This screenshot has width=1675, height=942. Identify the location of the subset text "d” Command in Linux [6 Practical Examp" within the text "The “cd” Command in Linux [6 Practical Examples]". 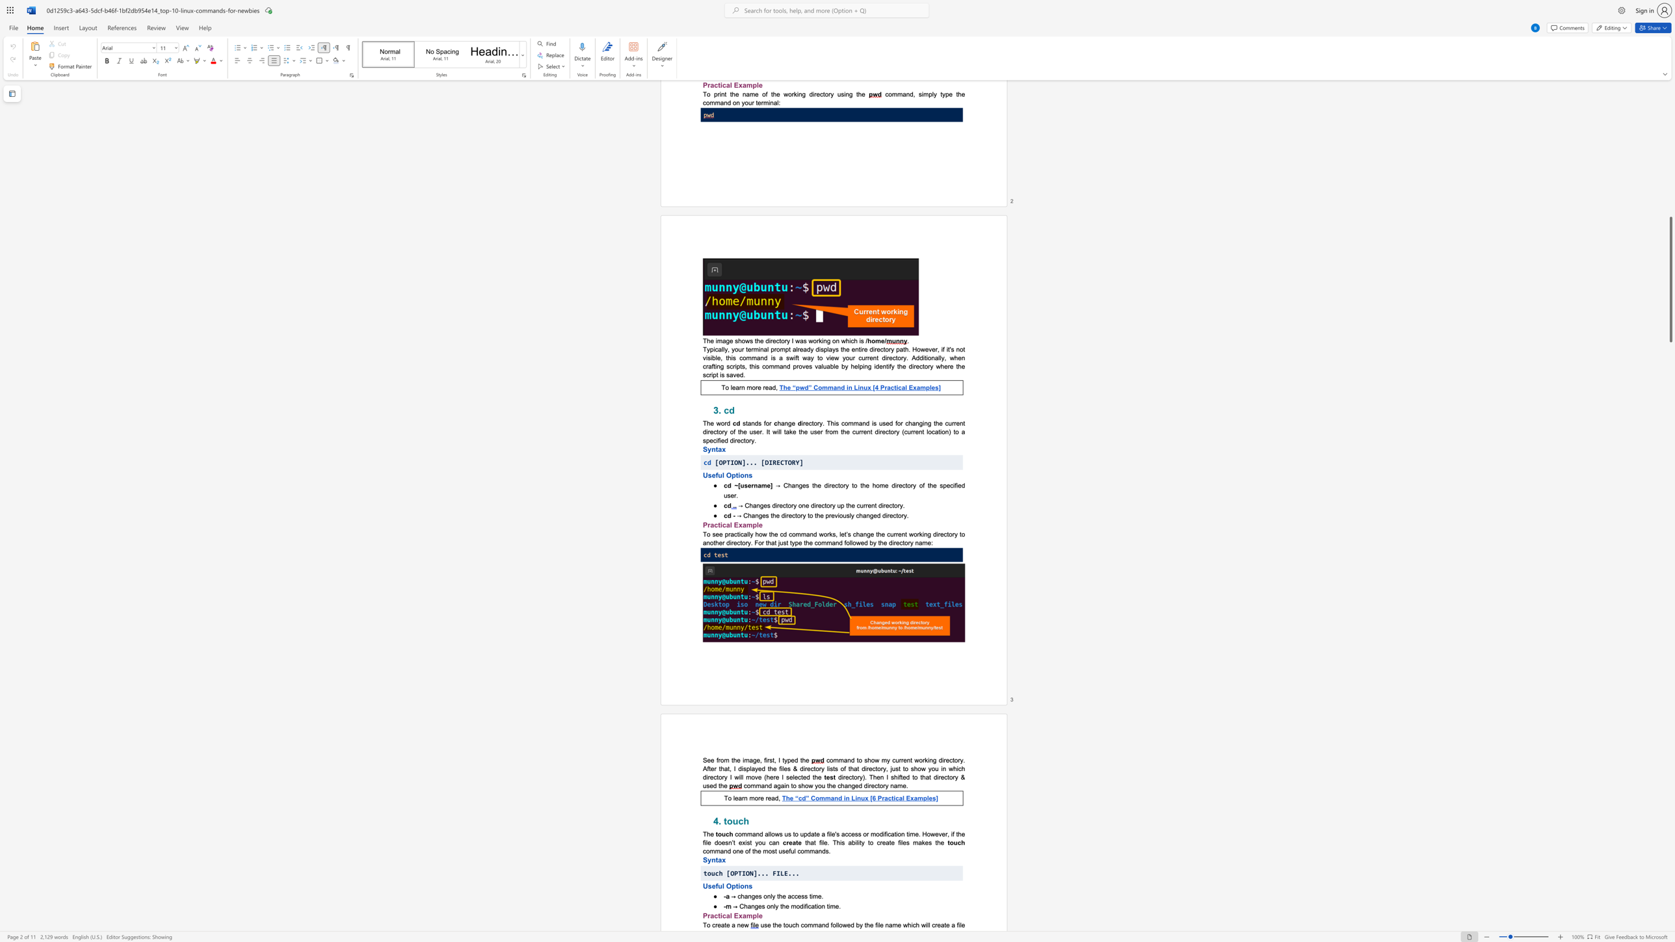
(801, 798).